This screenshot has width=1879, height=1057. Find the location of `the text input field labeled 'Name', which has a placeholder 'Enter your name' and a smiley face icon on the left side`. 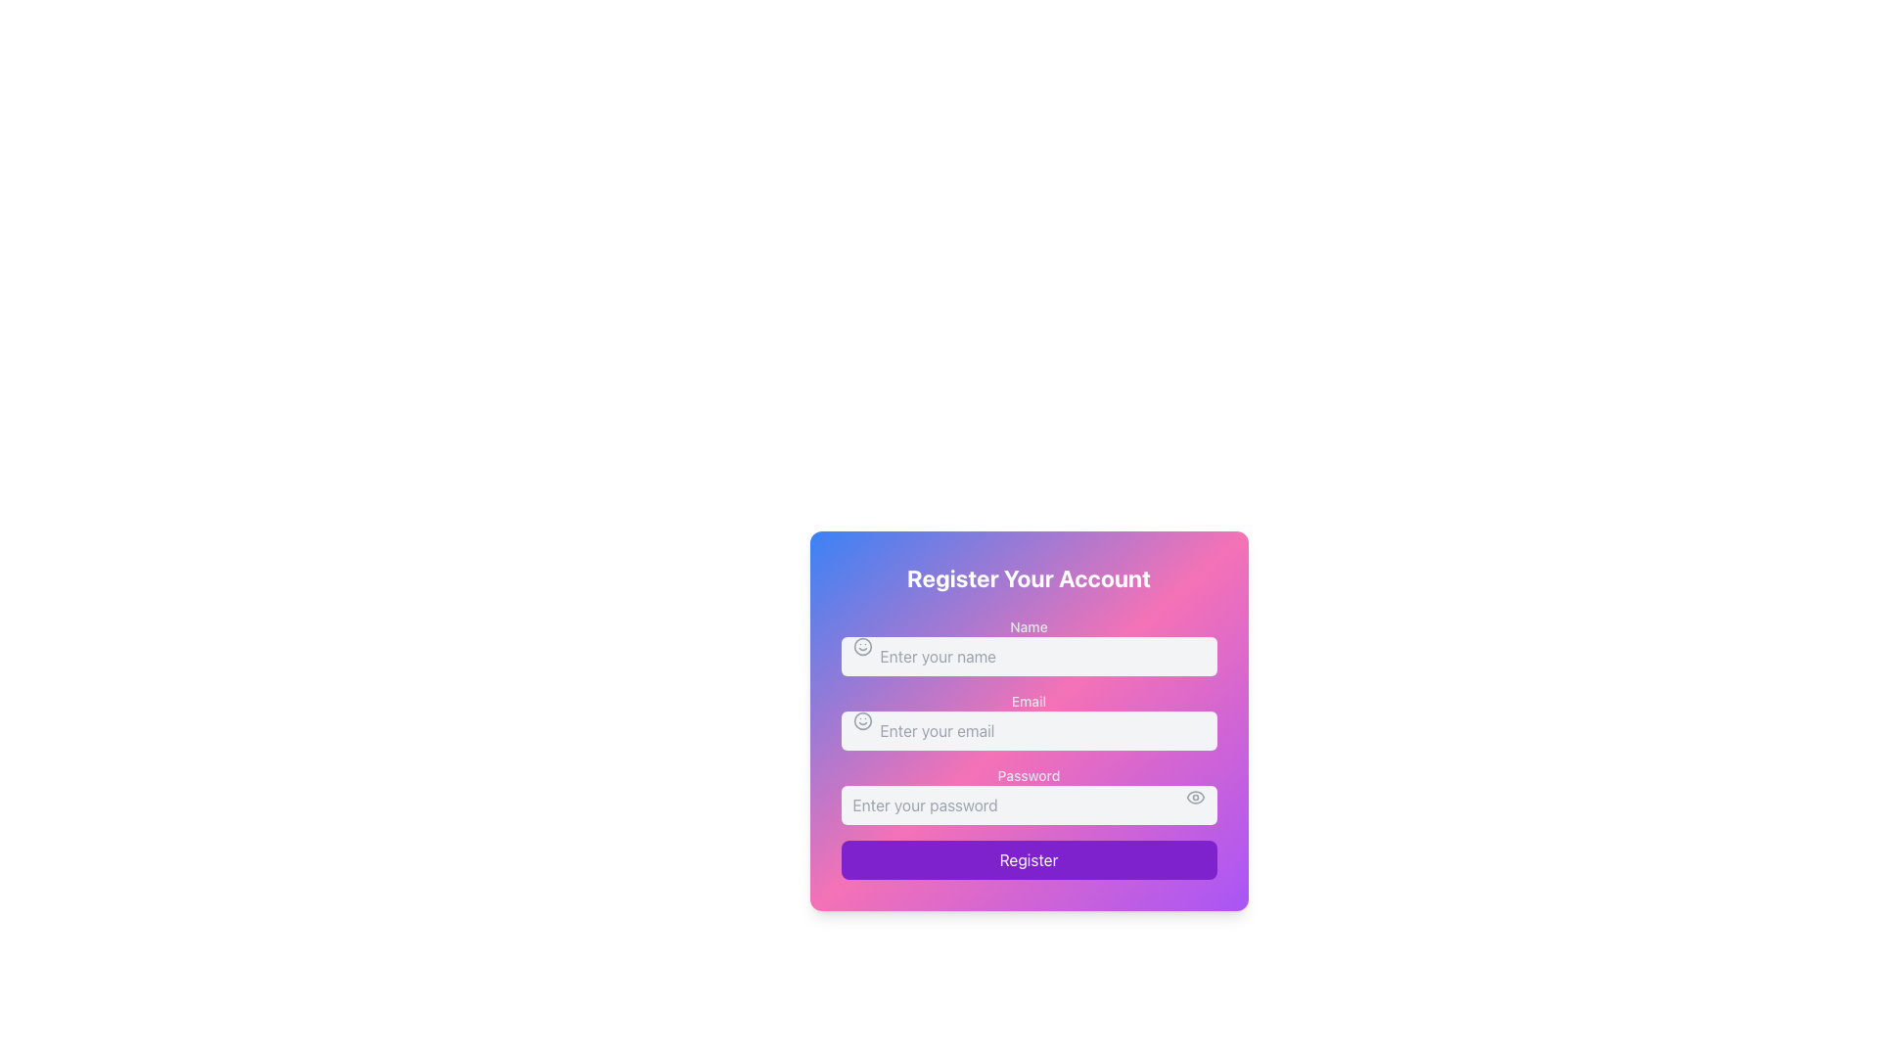

the text input field labeled 'Name', which has a placeholder 'Enter your name' and a smiley face icon on the left side is located at coordinates (1028, 646).